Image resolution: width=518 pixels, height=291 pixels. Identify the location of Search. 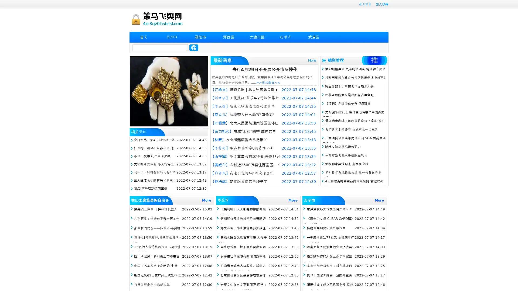
(194, 47).